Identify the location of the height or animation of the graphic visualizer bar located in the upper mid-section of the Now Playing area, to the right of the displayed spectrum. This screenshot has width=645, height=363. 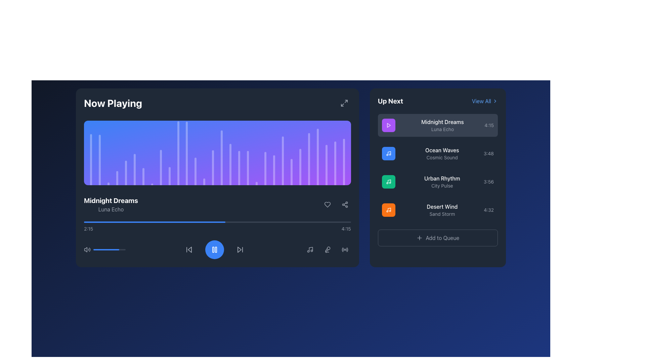
(317, 157).